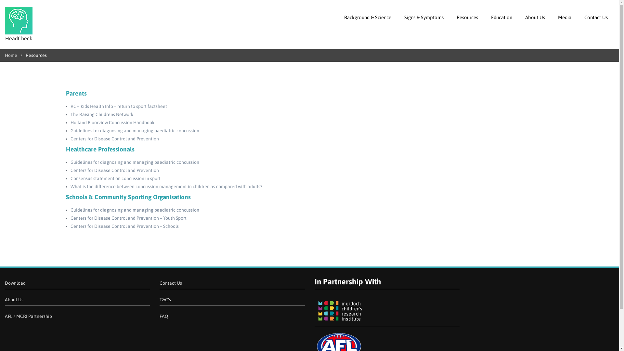  I want to click on 'FAQ', so click(159, 316).